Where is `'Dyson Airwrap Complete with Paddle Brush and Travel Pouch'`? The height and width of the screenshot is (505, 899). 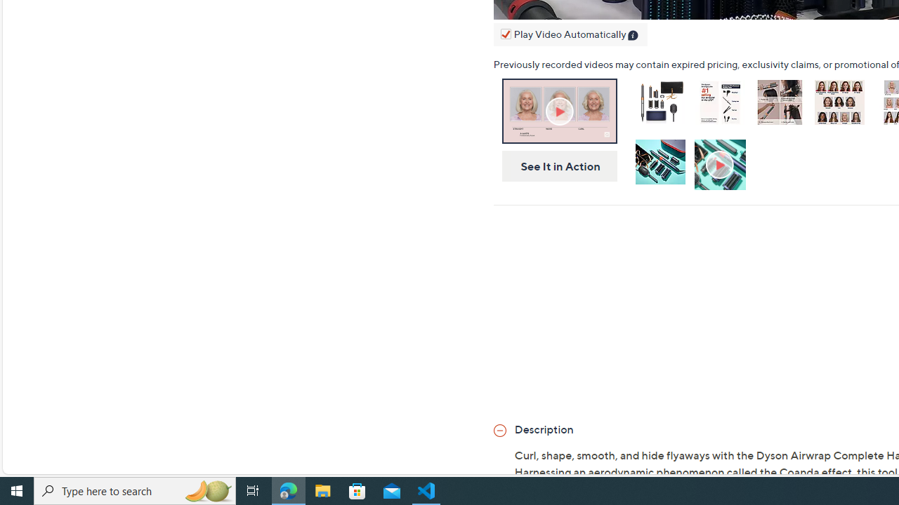
'Dyson Airwrap Complete with Paddle Brush and Travel Pouch' is located at coordinates (659, 101).